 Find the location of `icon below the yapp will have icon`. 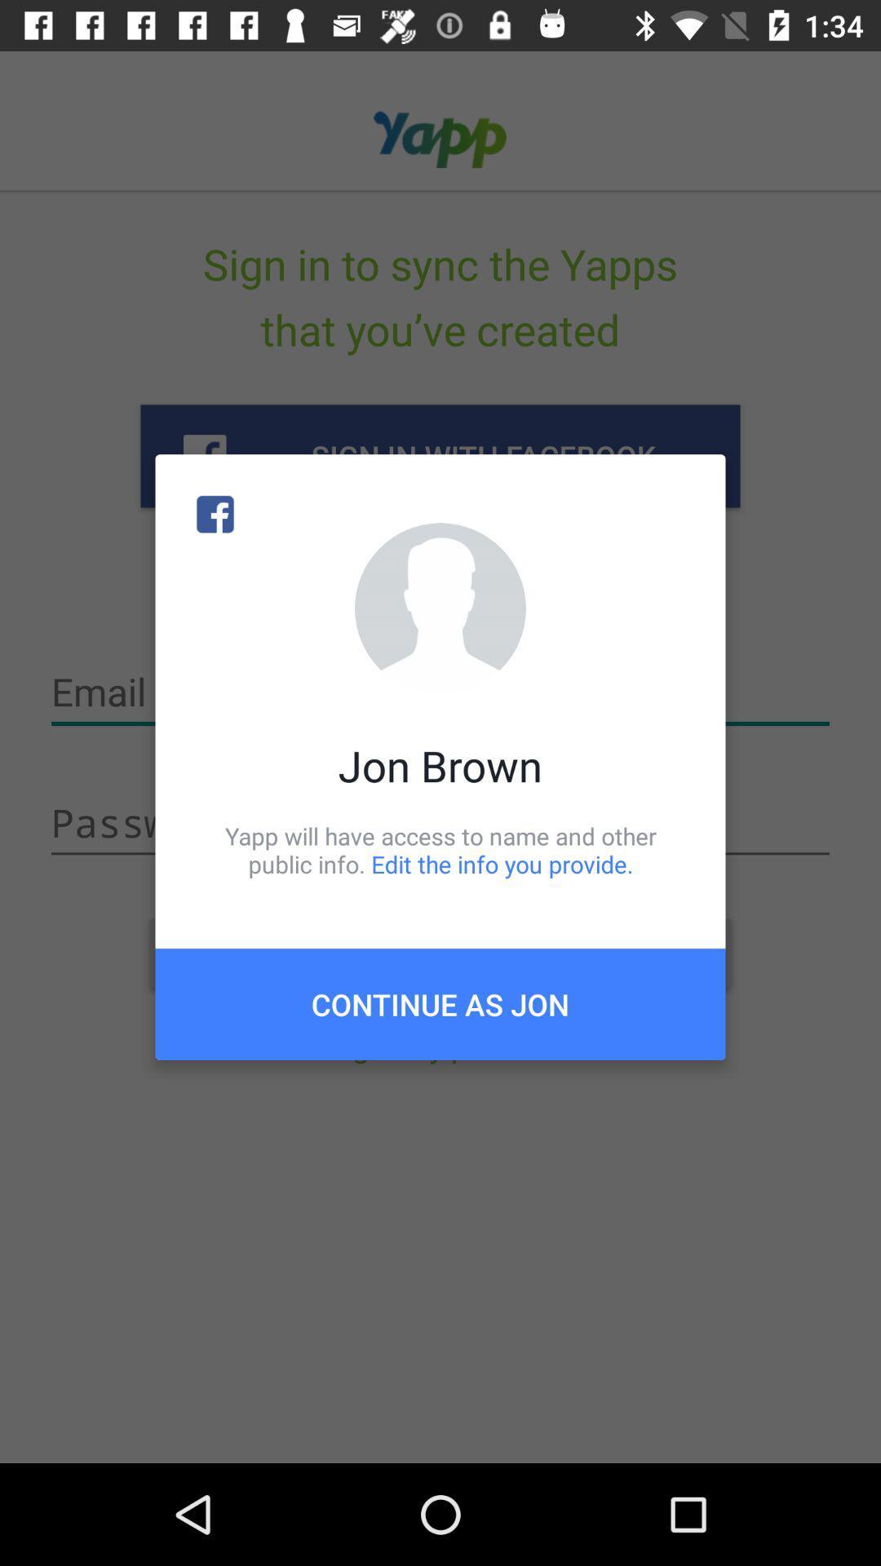

icon below the yapp will have icon is located at coordinates (440, 1003).